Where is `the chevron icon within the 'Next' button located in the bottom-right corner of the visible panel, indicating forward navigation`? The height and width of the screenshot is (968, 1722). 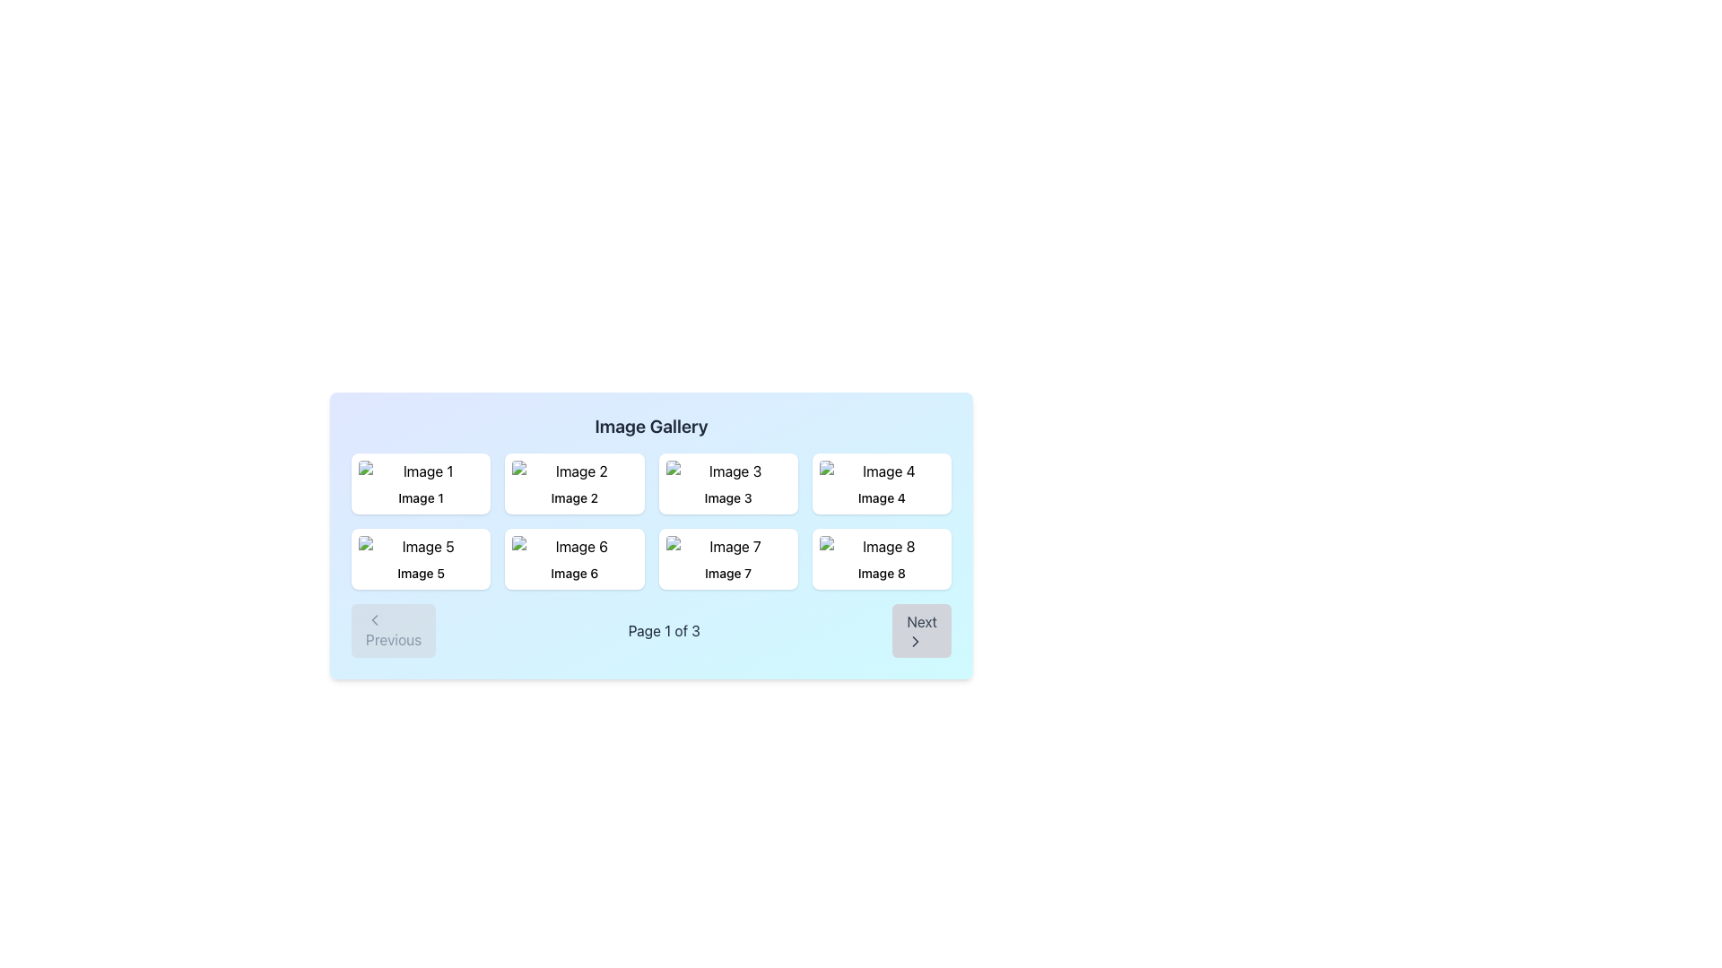
the chevron icon within the 'Next' button located in the bottom-right corner of the visible panel, indicating forward navigation is located at coordinates (916, 641).